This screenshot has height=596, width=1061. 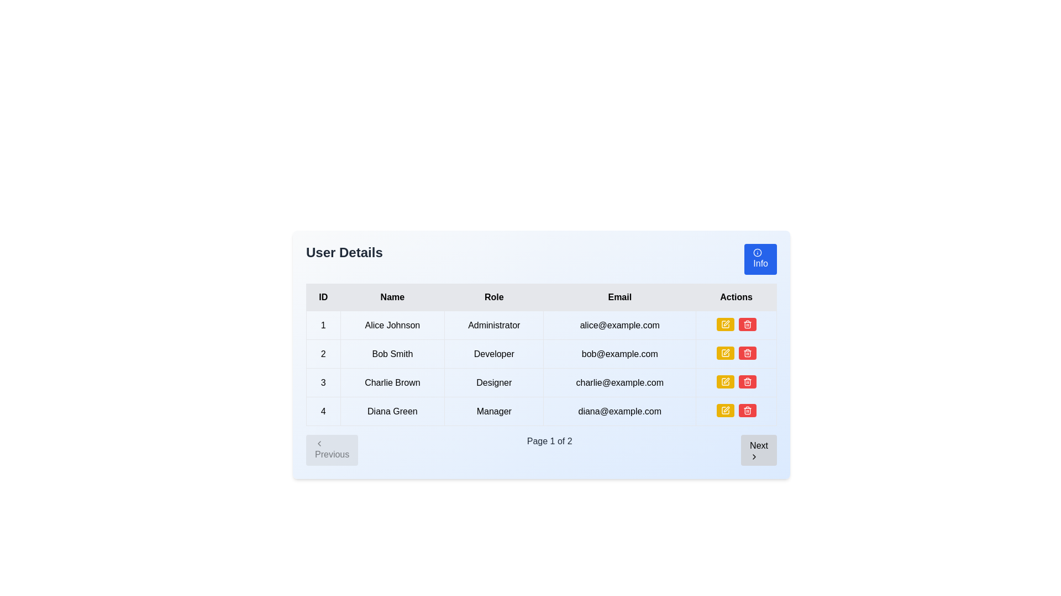 I want to click on the right-facing chevron icon within the 'Next' button, which has a gray background and rounded corners, located at the bottom-right side of the application interface, so click(x=754, y=457).